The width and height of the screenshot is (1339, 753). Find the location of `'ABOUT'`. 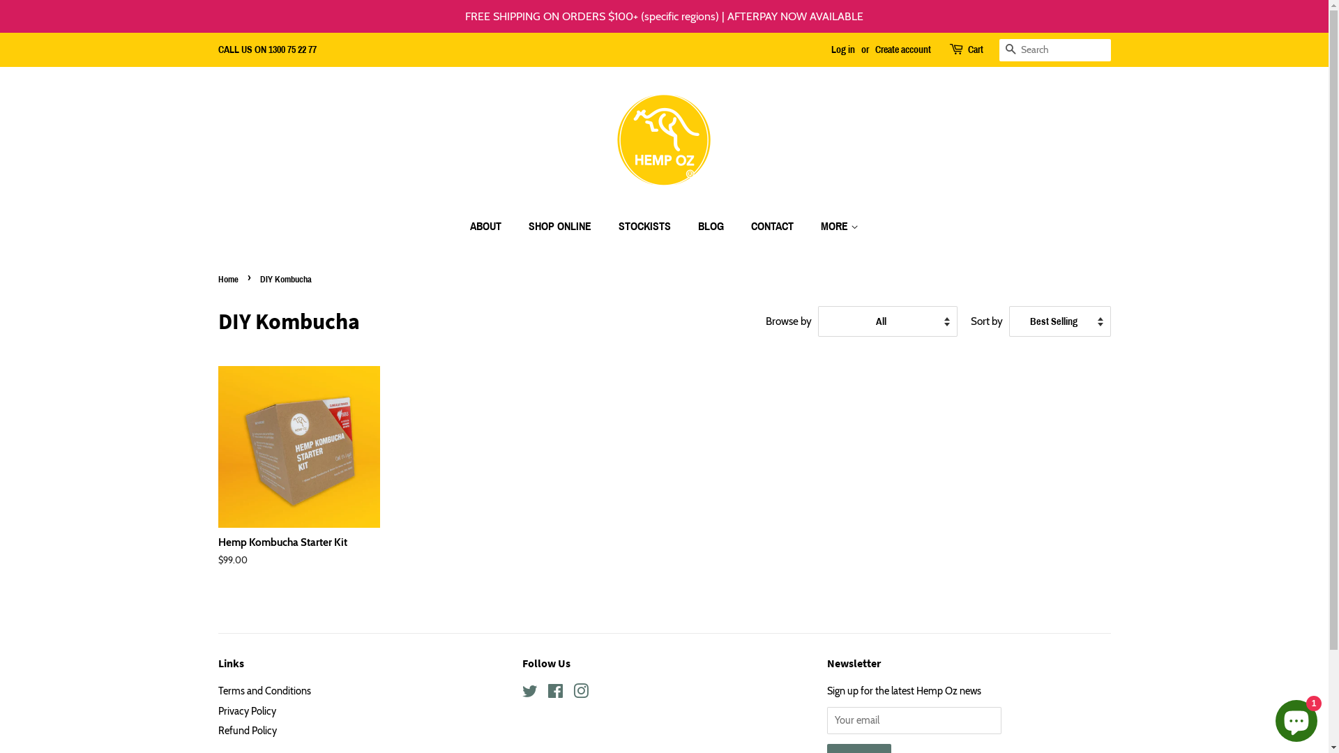

'ABOUT' is located at coordinates (492, 225).